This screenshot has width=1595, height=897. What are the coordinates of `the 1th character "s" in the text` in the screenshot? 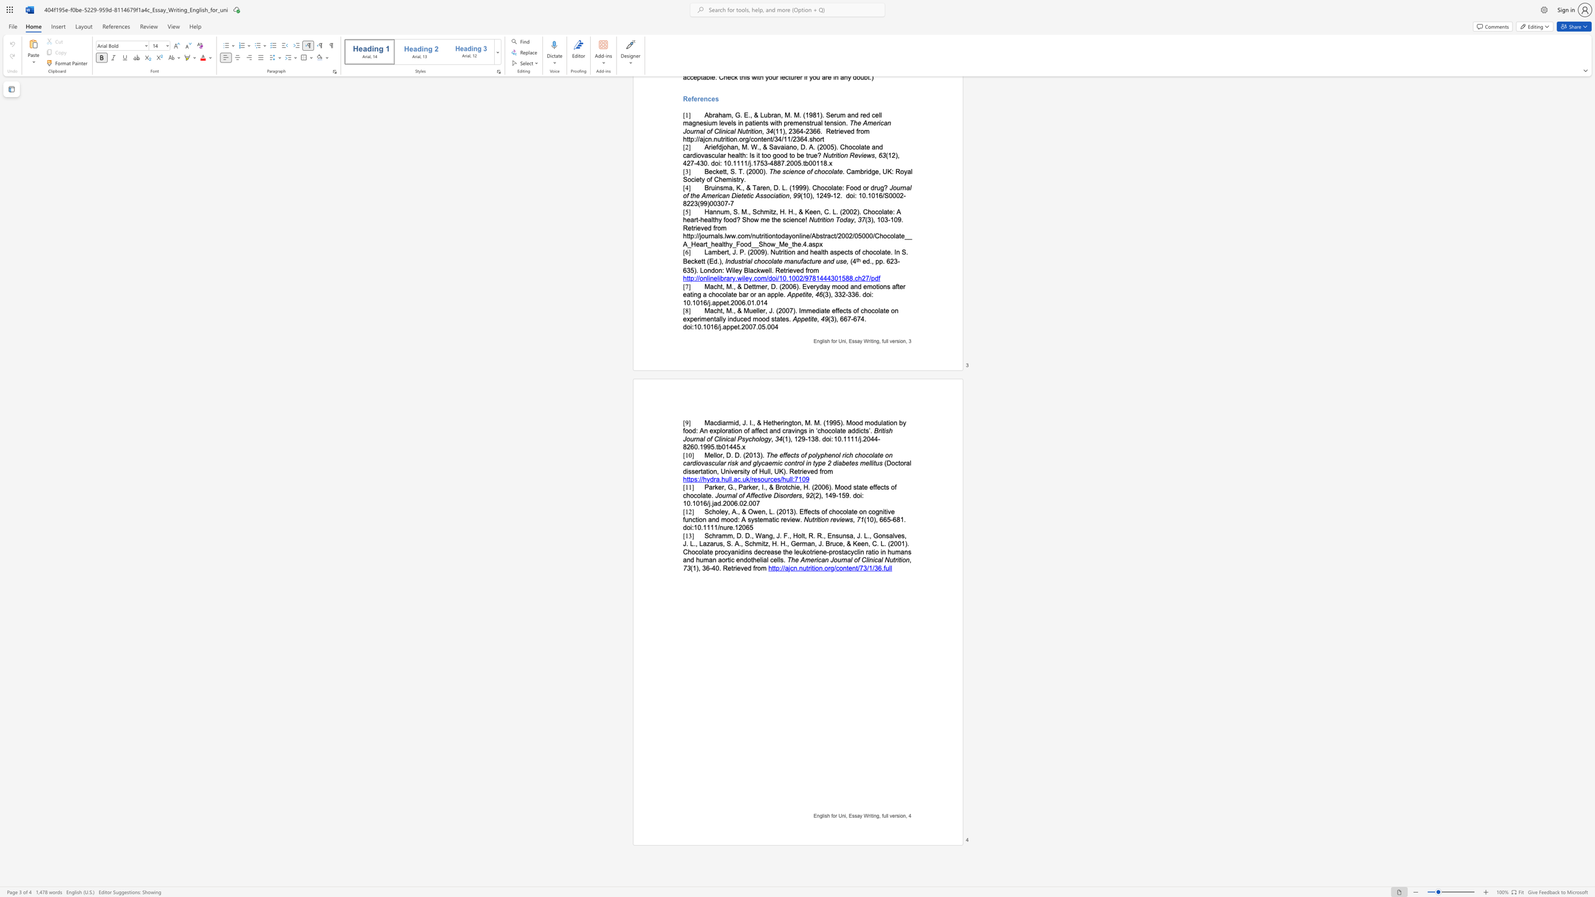 It's located at (826, 815).